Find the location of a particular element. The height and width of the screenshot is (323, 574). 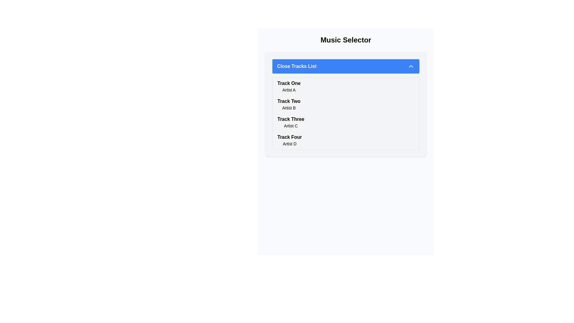

the list item containing 'Track Two' and 'Artist B' is located at coordinates (289, 104).